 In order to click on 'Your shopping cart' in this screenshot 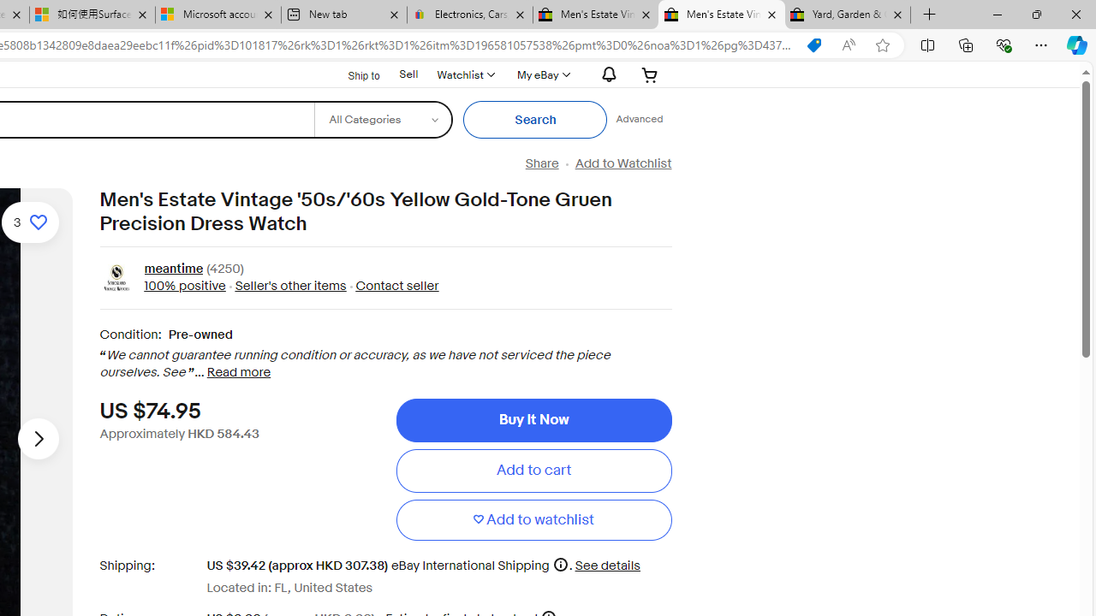, I will do `click(649, 74)`.